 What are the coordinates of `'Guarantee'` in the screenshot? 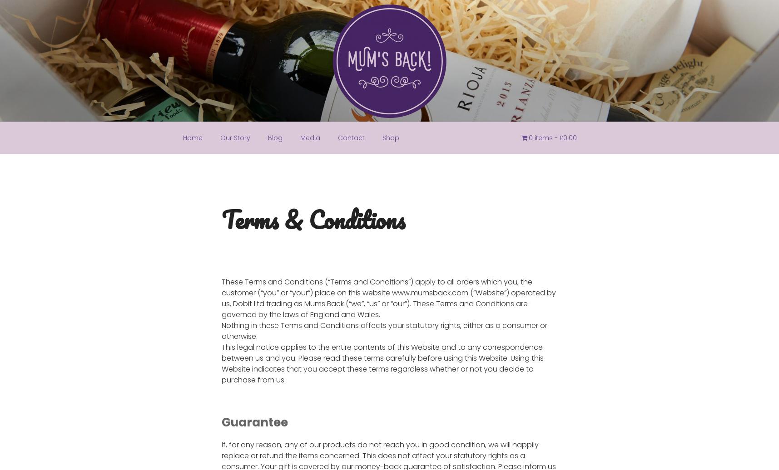 It's located at (253, 422).